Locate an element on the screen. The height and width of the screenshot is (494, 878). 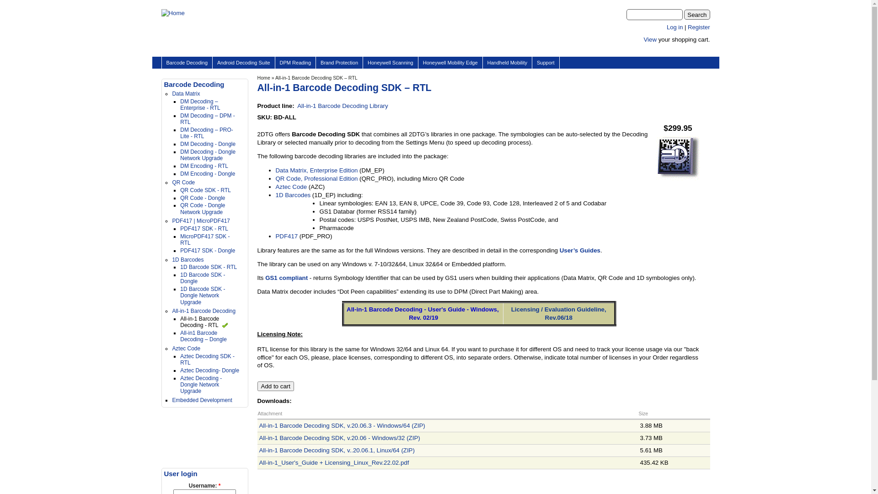
'Data Matrix' is located at coordinates (185, 93).